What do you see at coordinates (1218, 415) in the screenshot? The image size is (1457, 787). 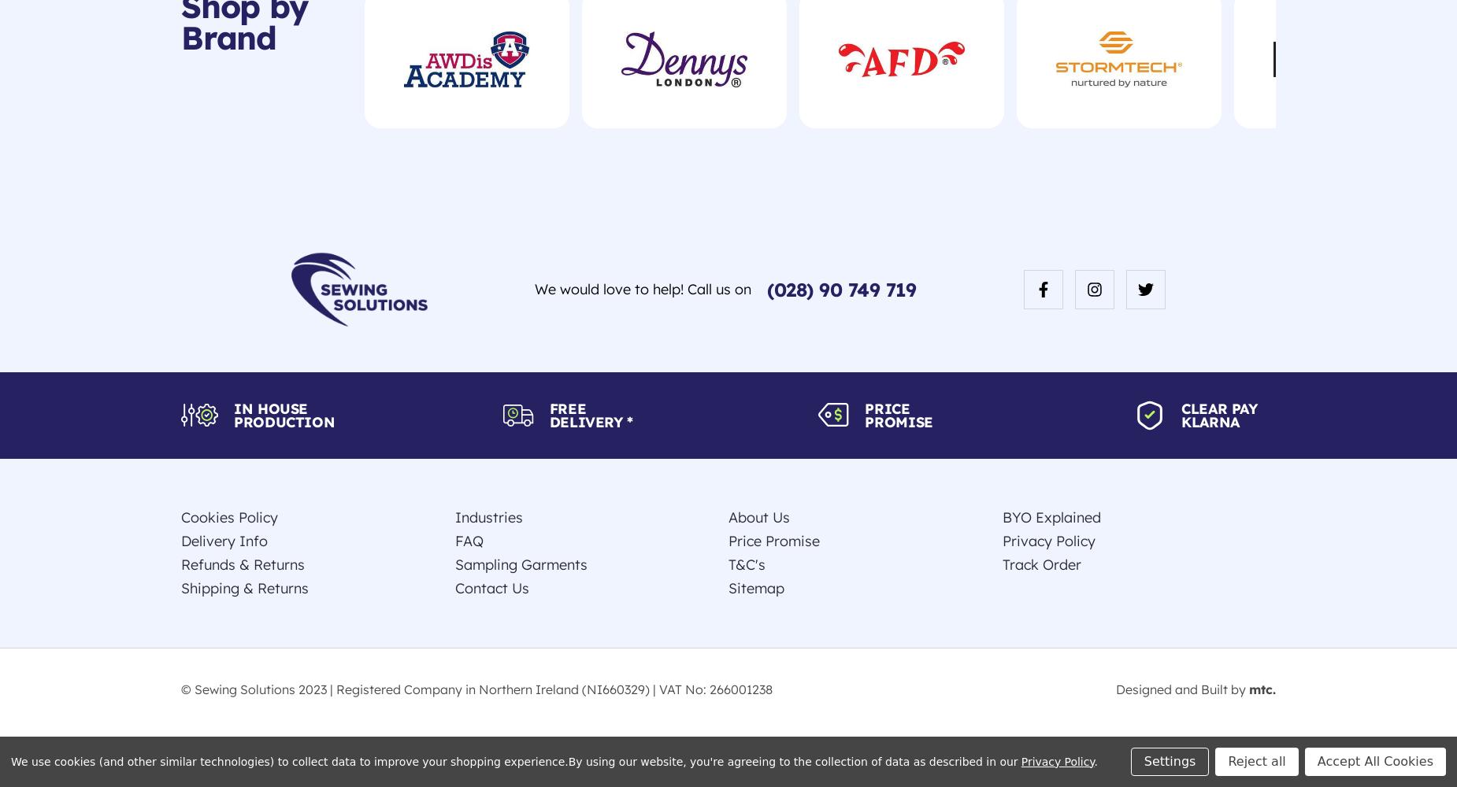 I see `'Clear Pay Klarna'` at bounding box center [1218, 415].